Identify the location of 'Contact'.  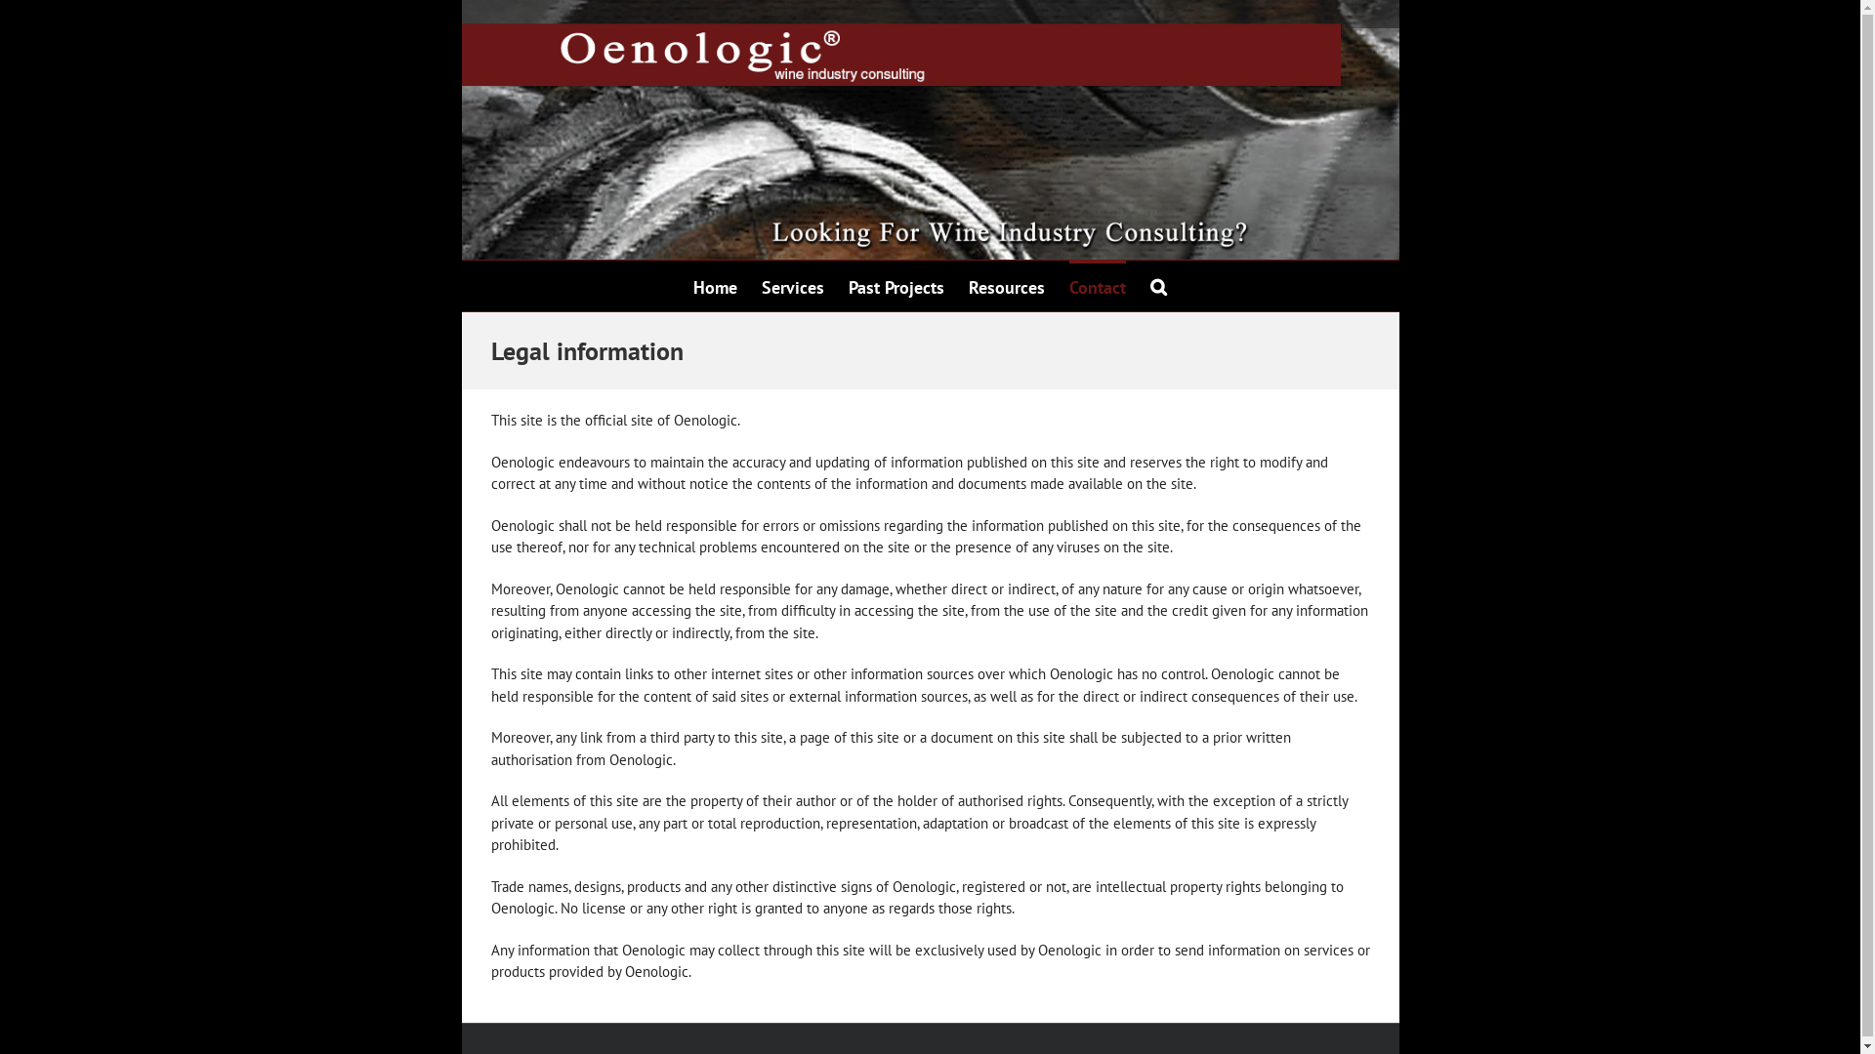
(1097, 286).